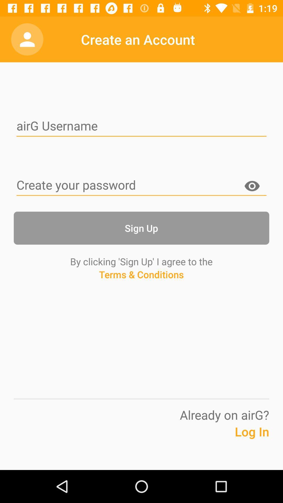 This screenshot has width=283, height=503. I want to click on icon below the already on airg? item, so click(239, 440).